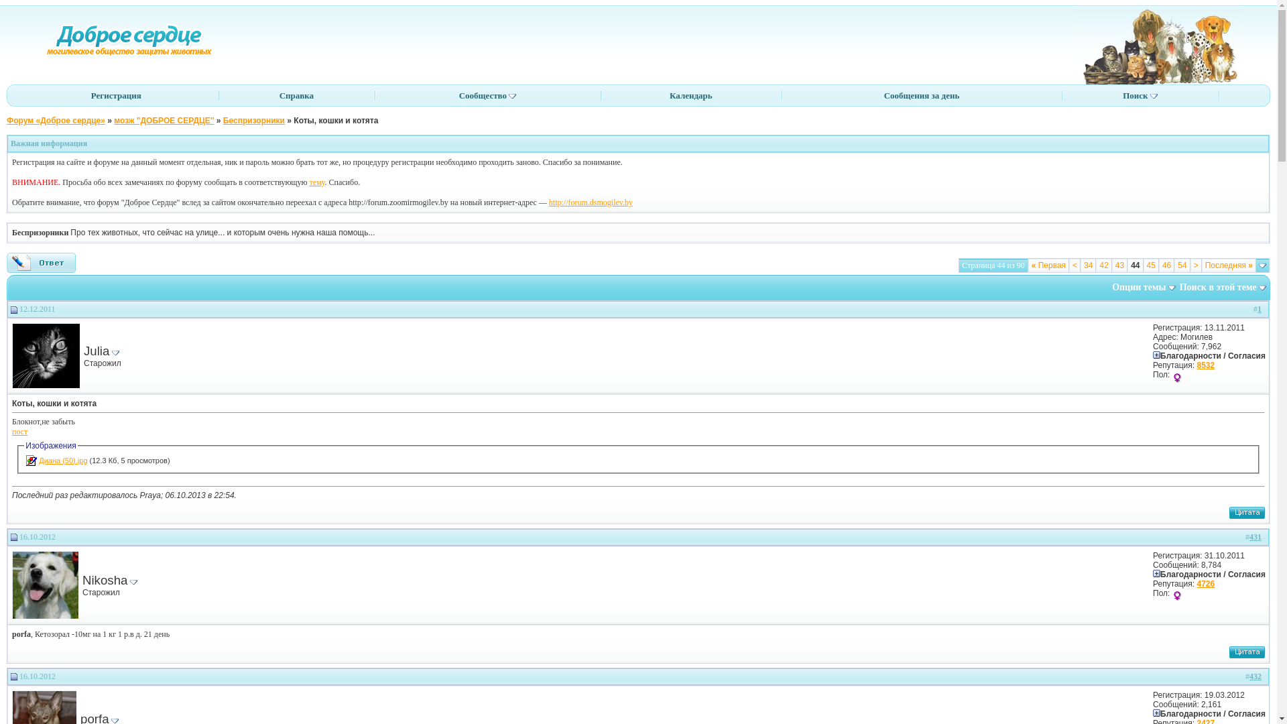 Image resolution: width=1287 pixels, height=724 pixels. Describe the element at coordinates (1258, 309) in the screenshot. I see `'1'` at that location.